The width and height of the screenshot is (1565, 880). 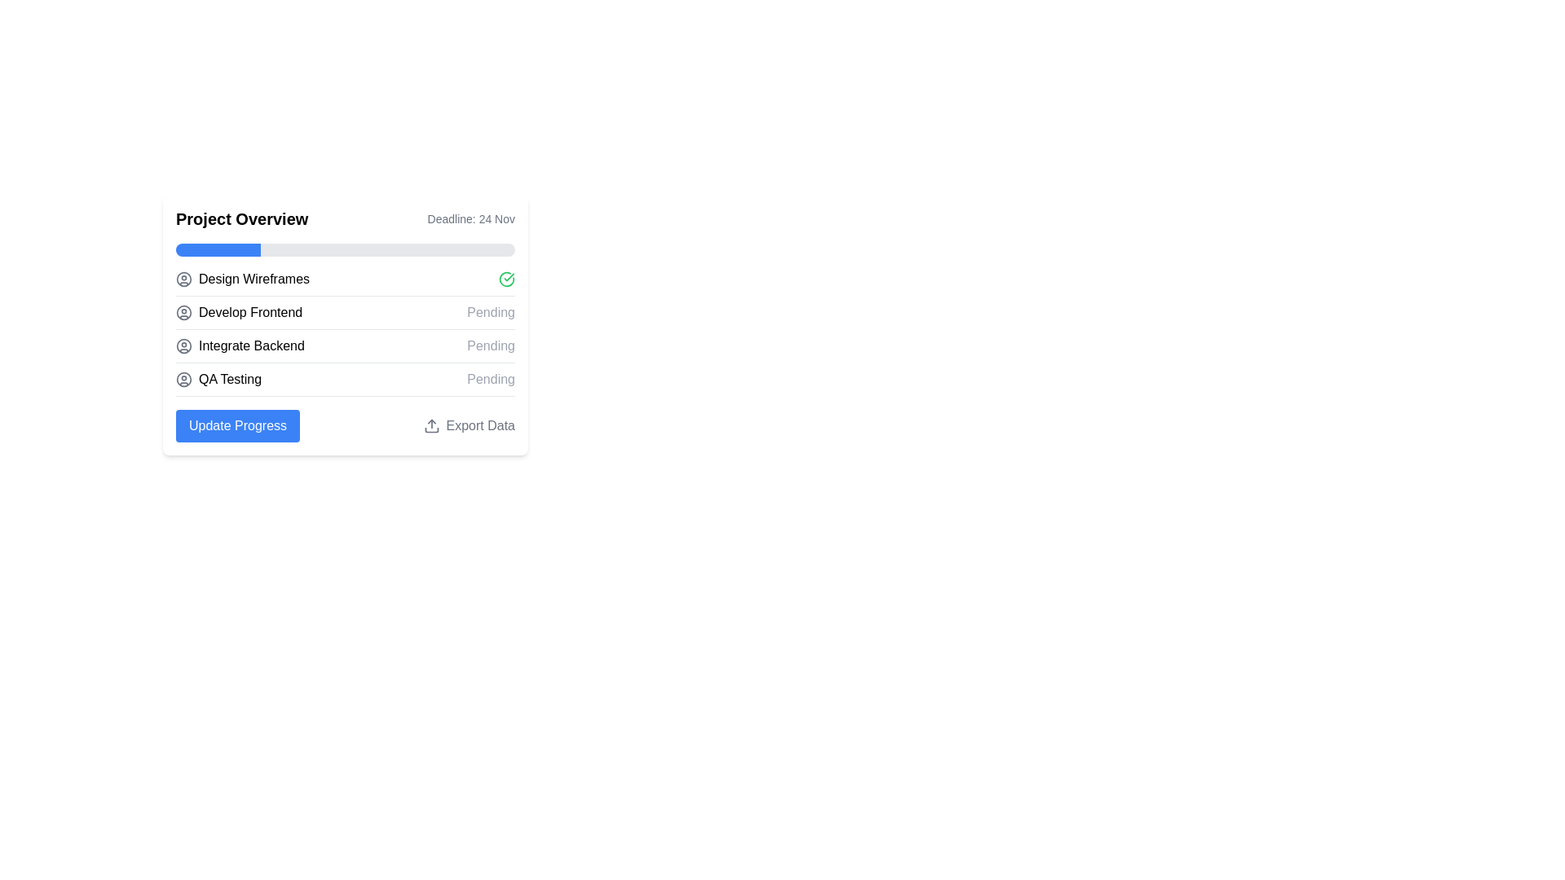 What do you see at coordinates (183, 345) in the screenshot?
I see `circular user placeholder icon with a gray stroke, located next to the 'Integrate Backend' label in the list item` at bounding box center [183, 345].